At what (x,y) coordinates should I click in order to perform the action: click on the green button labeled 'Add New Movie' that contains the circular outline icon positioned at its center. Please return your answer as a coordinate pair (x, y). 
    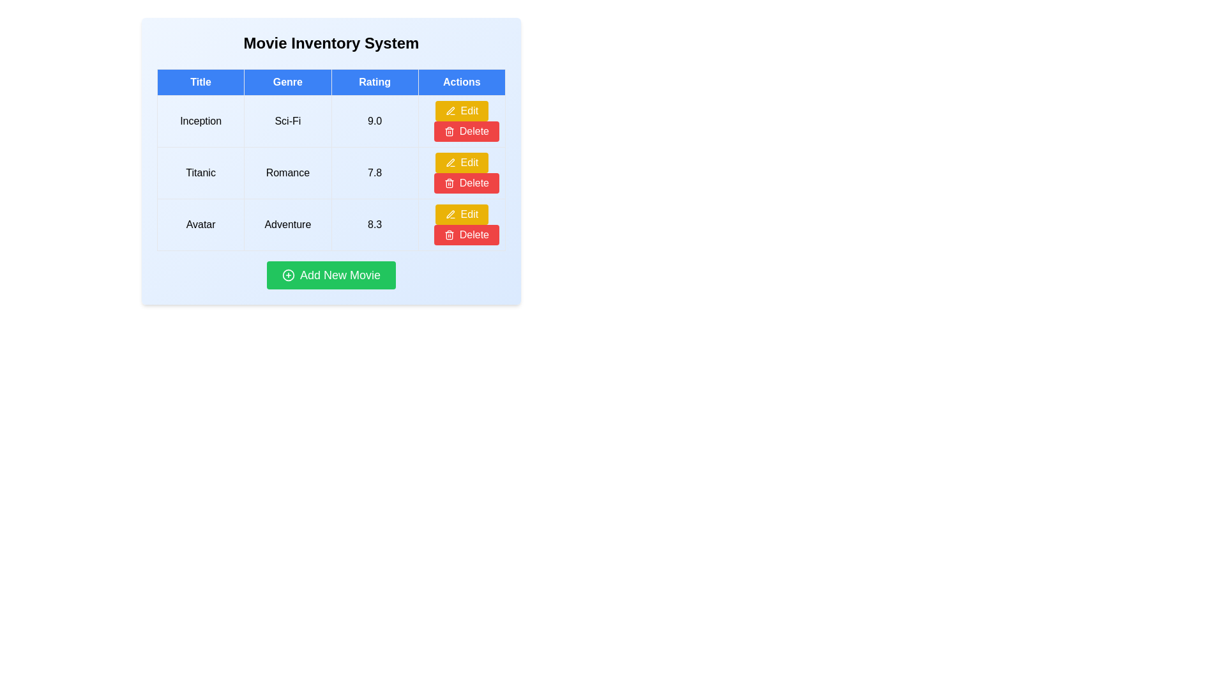
    Looking at the image, I should click on (287, 275).